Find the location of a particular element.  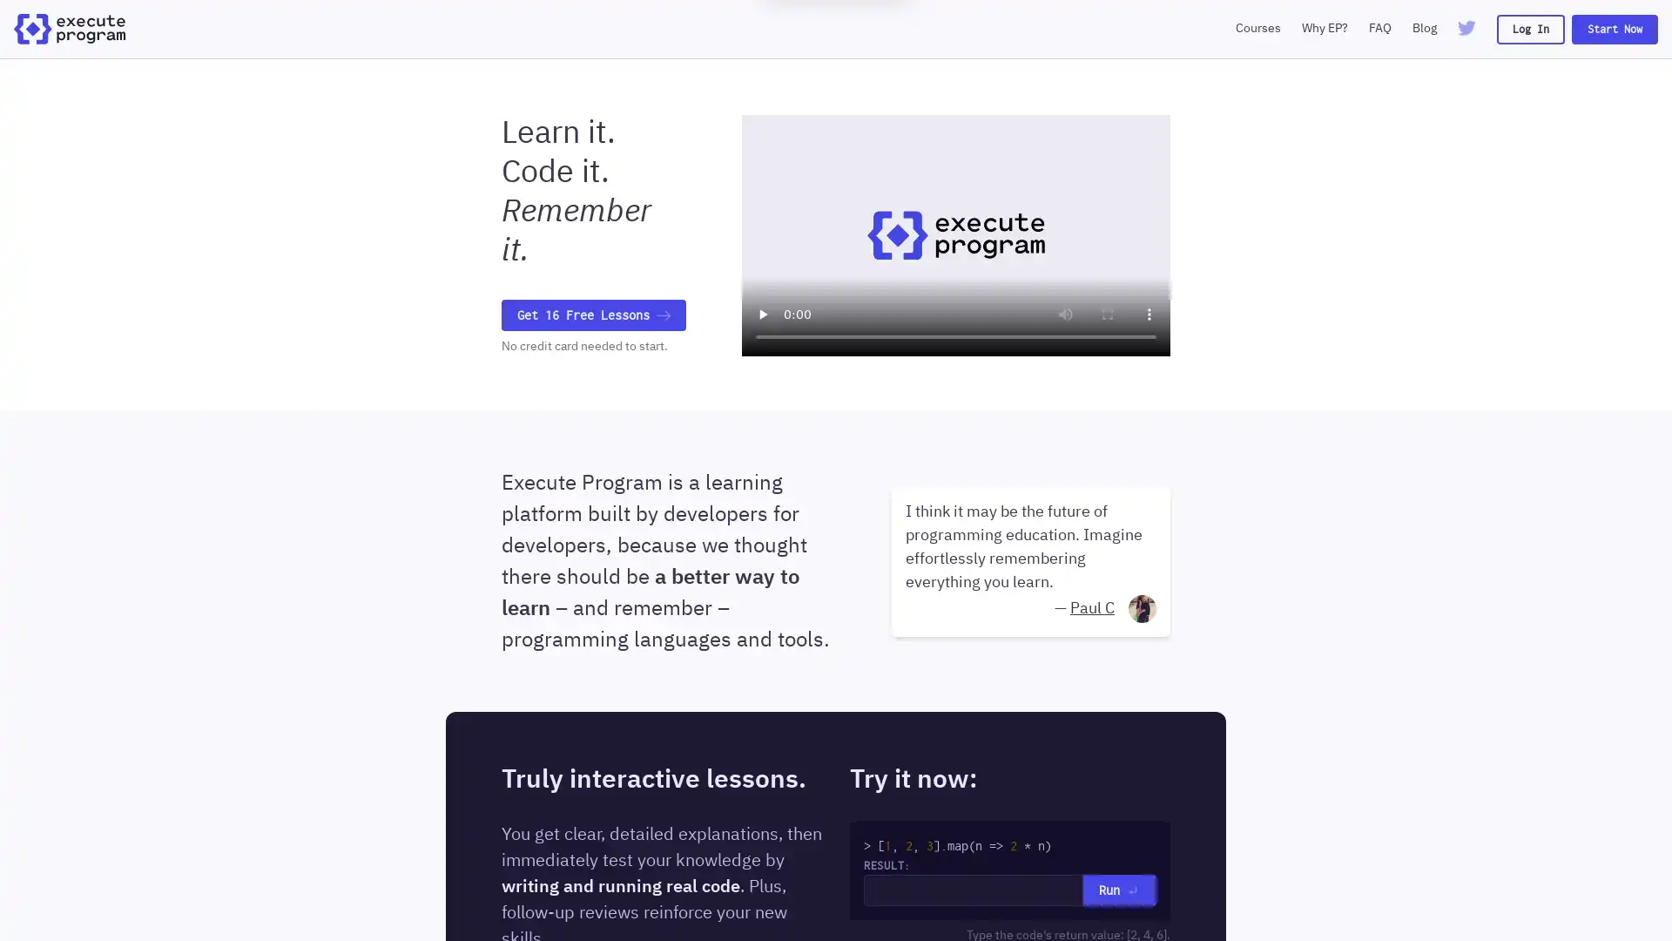

play is located at coordinates (762, 312).